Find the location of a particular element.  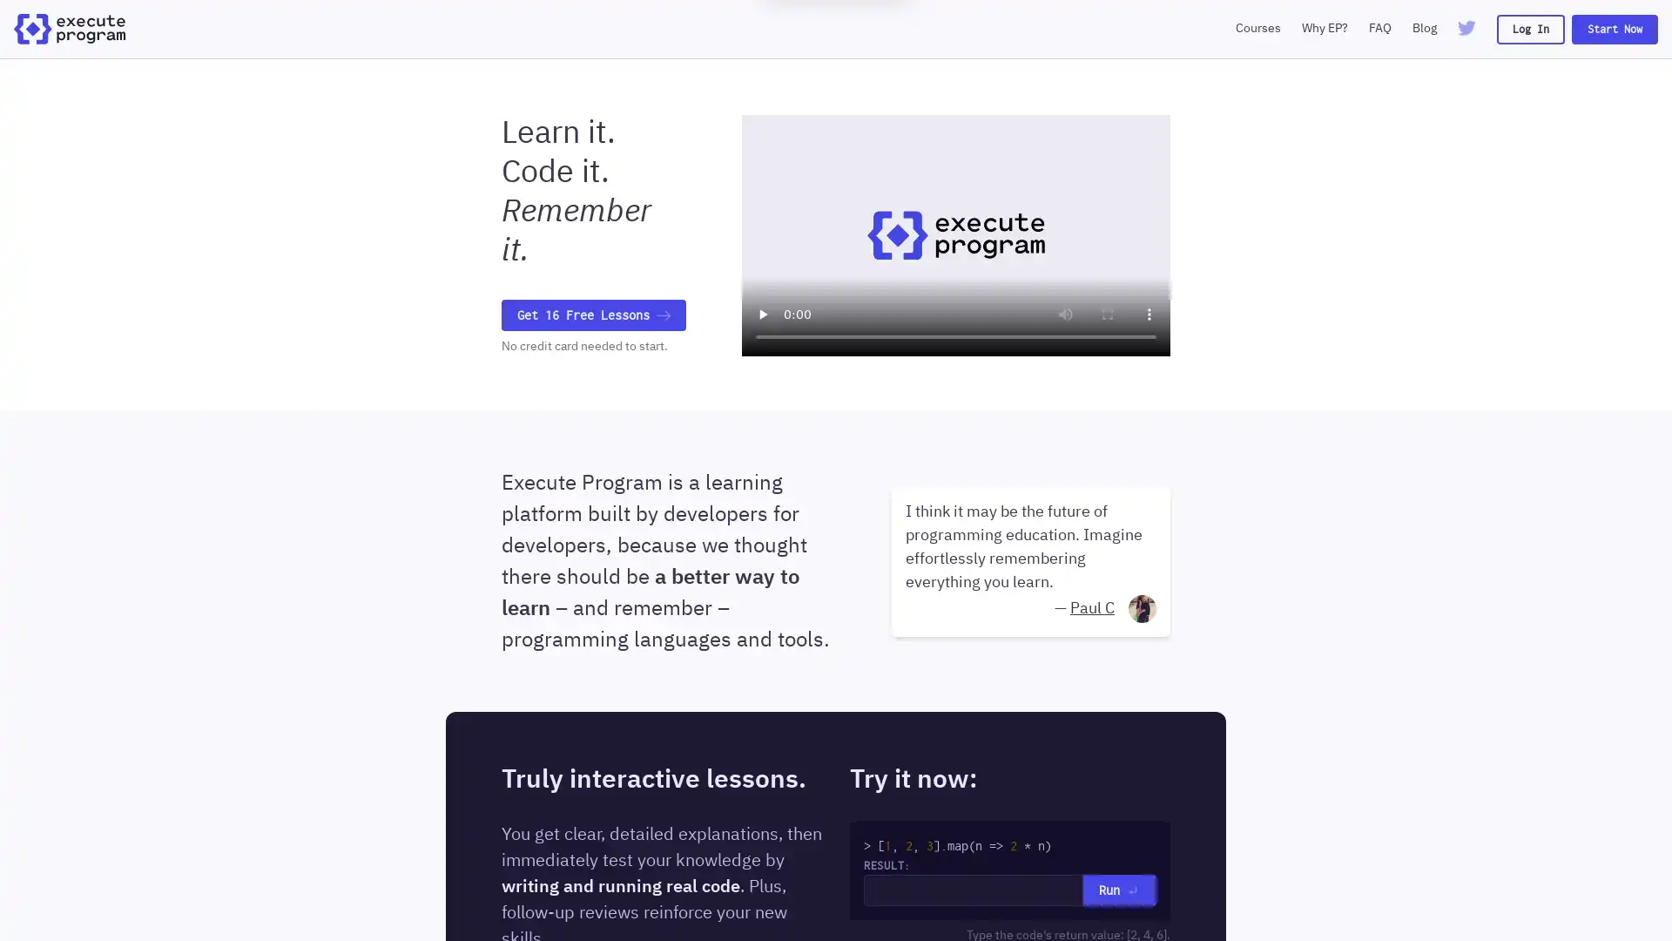

play is located at coordinates (762, 312).